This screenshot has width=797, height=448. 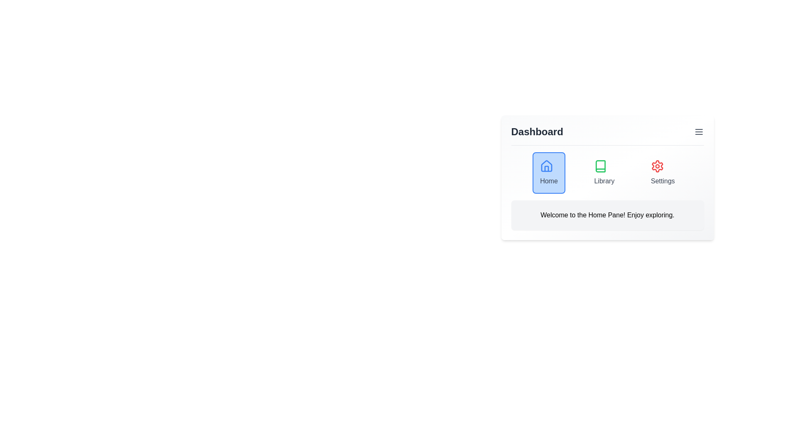 I want to click on the 'Library' icon located in the main dashboard's navigation panel, so click(x=601, y=166).